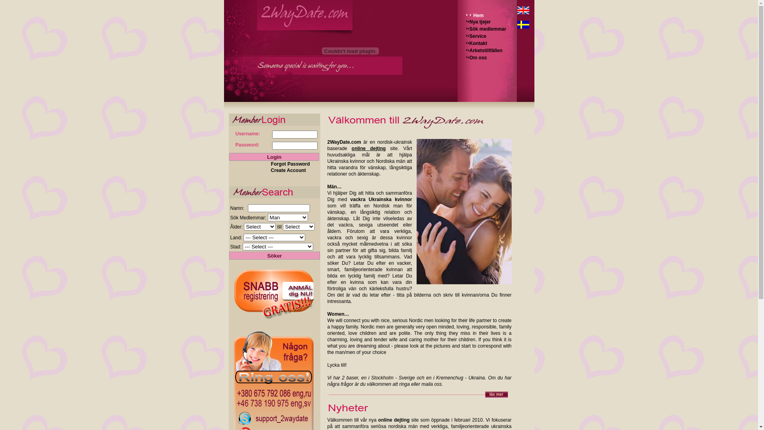 The height and width of the screenshot is (430, 764). Describe the element at coordinates (468, 36) in the screenshot. I see `'Service'` at that location.